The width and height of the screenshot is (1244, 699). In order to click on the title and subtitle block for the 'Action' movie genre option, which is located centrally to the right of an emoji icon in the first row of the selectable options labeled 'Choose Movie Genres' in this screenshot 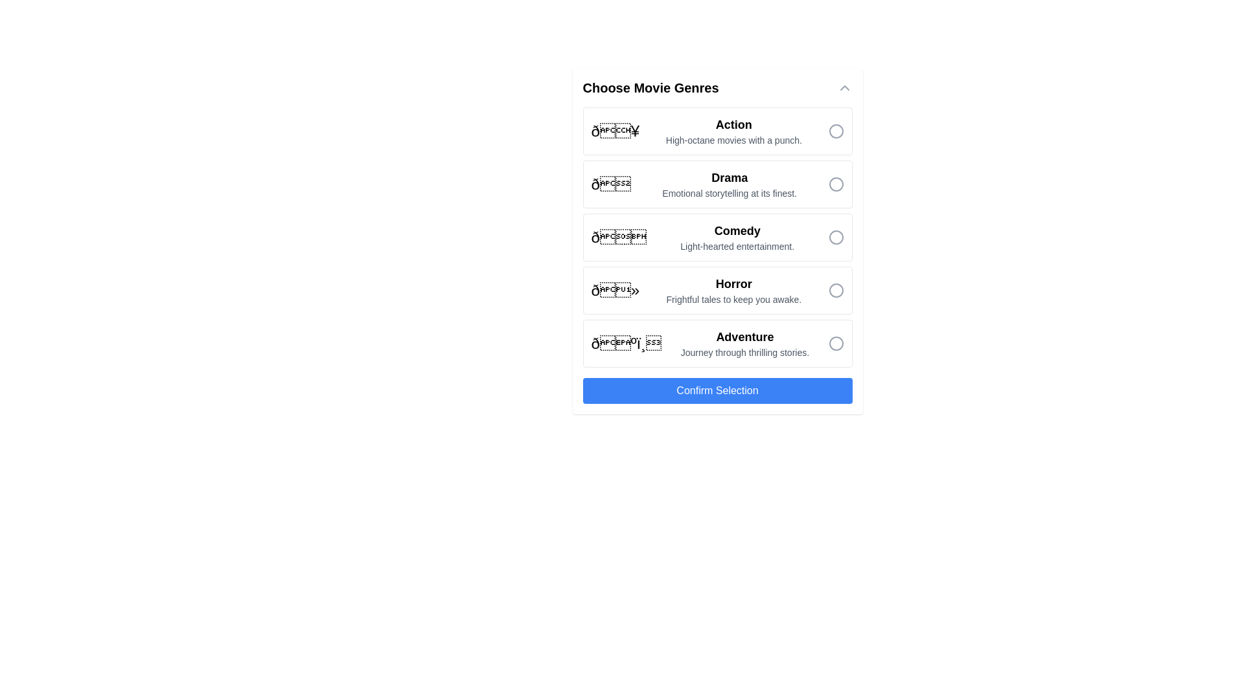, I will do `click(733, 131)`.